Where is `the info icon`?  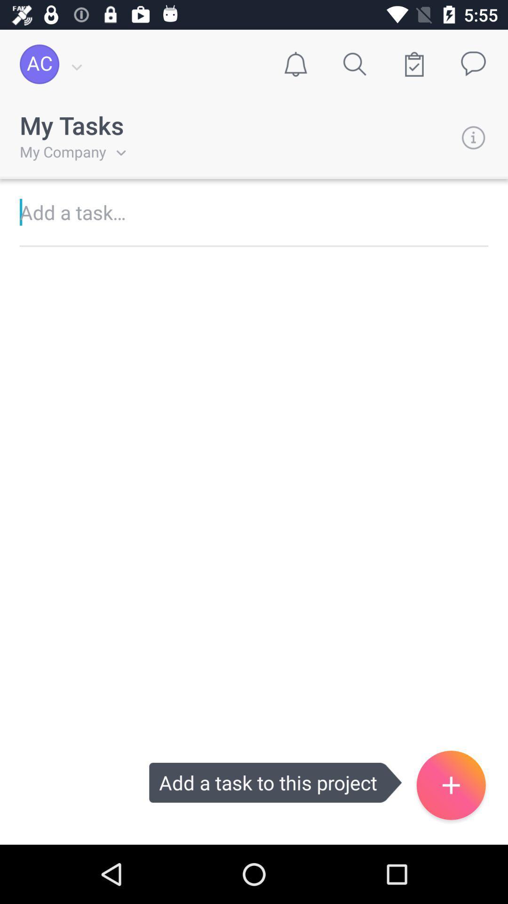 the info icon is located at coordinates (473, 137).